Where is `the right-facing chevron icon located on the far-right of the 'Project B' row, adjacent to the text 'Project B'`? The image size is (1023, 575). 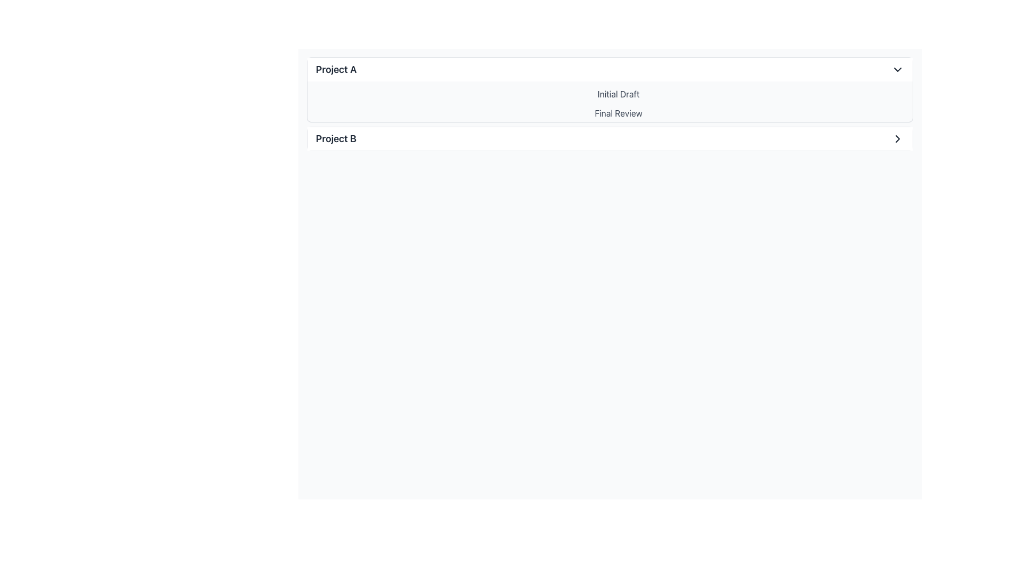 the right-facing chevron icon located on the far-right of the 'Project B' row, adjacent to the text 'Project B' is located at coordinates (897, 138).